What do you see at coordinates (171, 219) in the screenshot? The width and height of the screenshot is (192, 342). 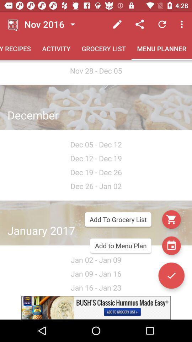 I see `the cart icon` at bounding box center [171, 219].